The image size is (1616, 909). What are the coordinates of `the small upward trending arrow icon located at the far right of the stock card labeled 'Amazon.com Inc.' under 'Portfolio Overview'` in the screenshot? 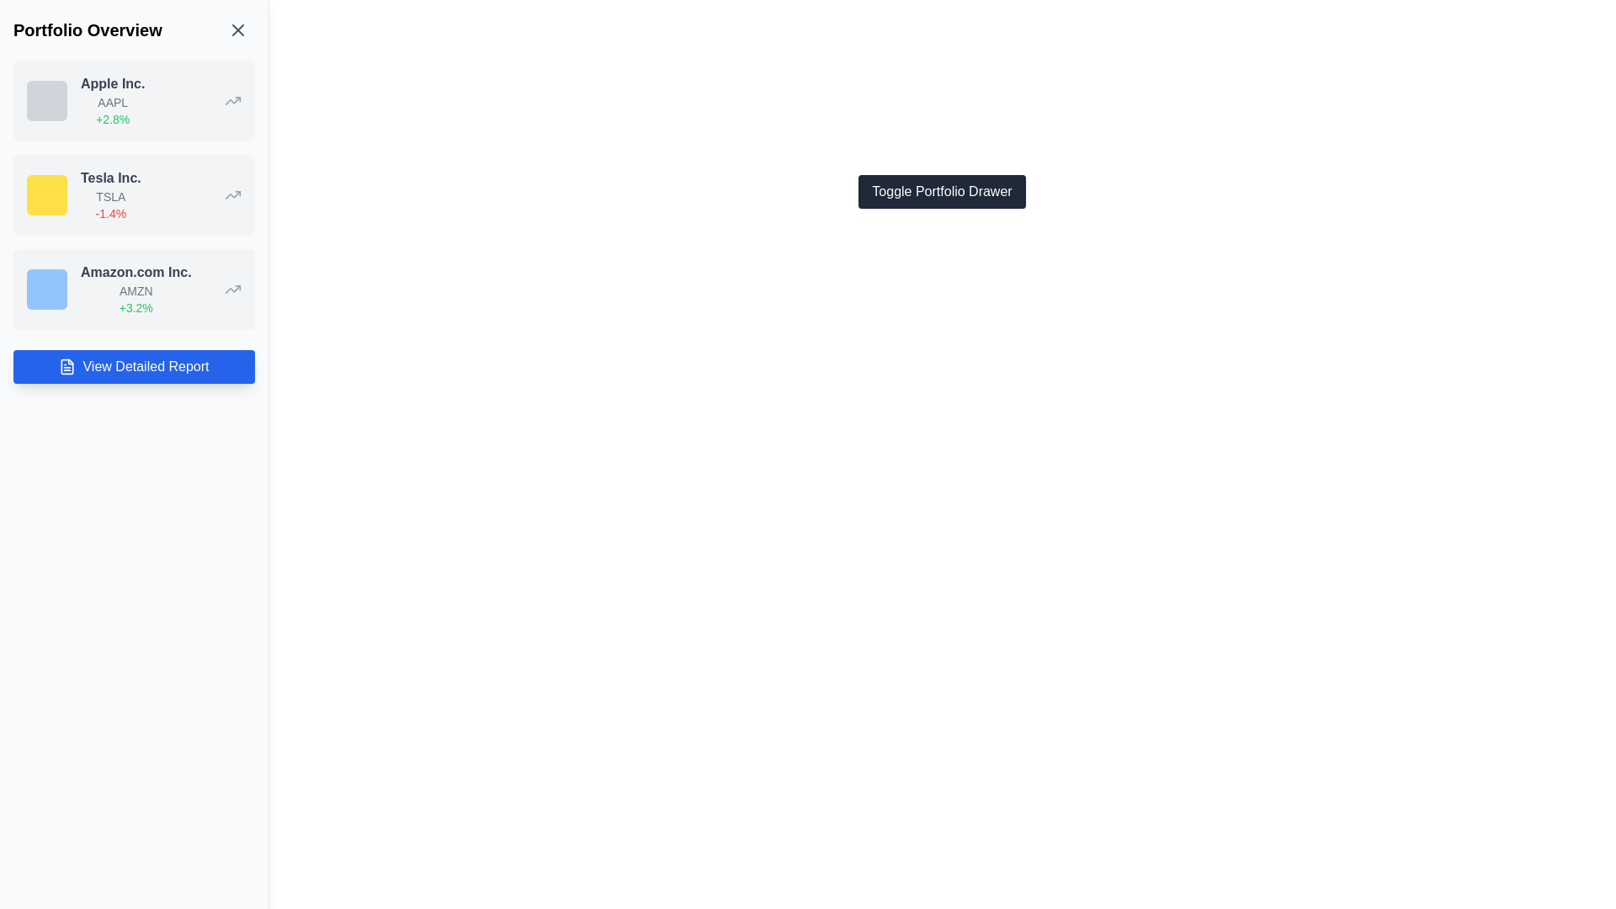 It's located at (232, 288).